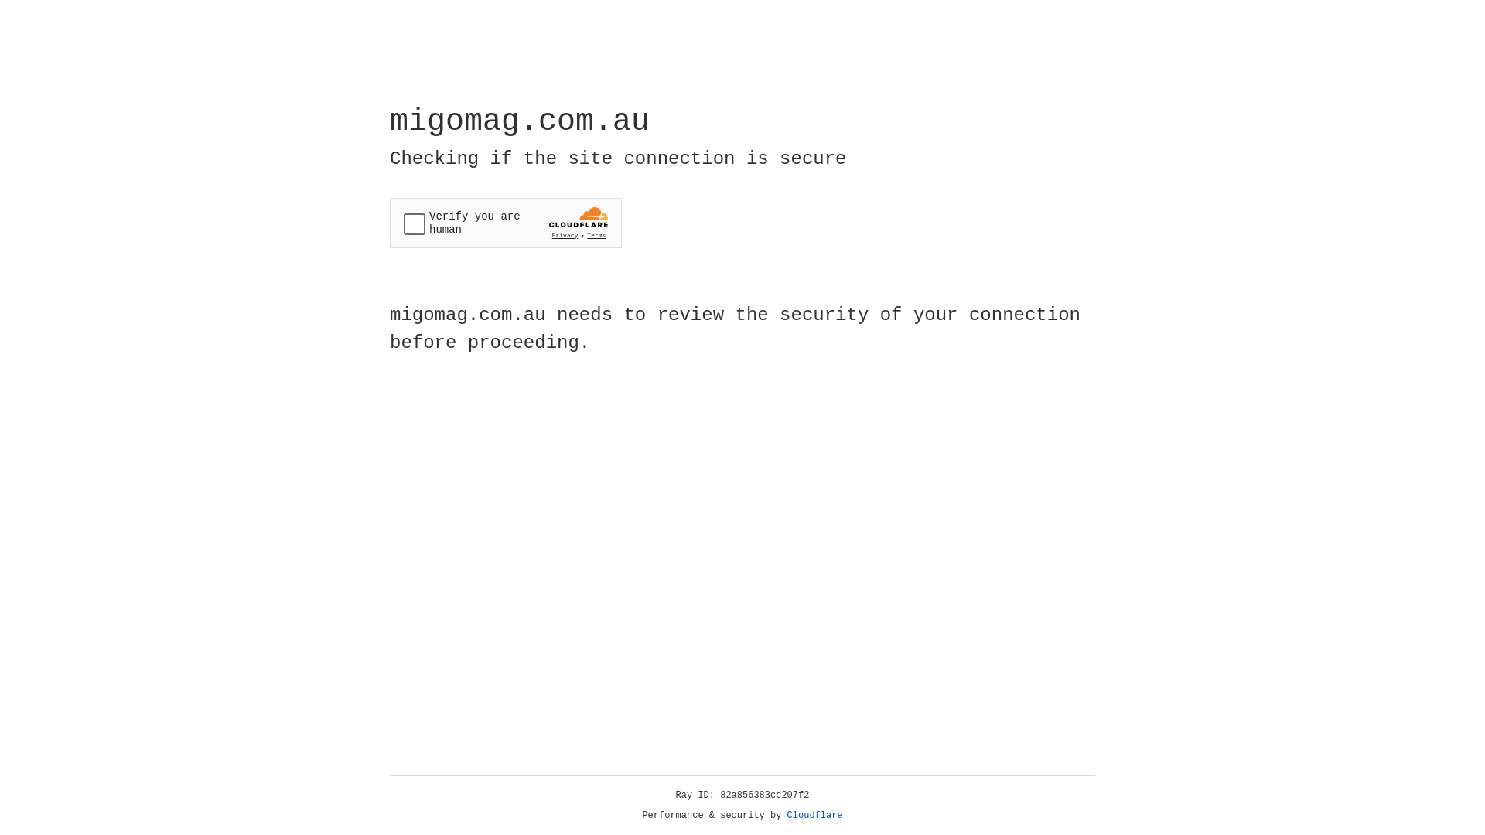  What do you see at coordinates (505, 223) in the screenshot?
I see `'Widget containing a Cloudflare security challenge'` at bounding box center [505, 223].